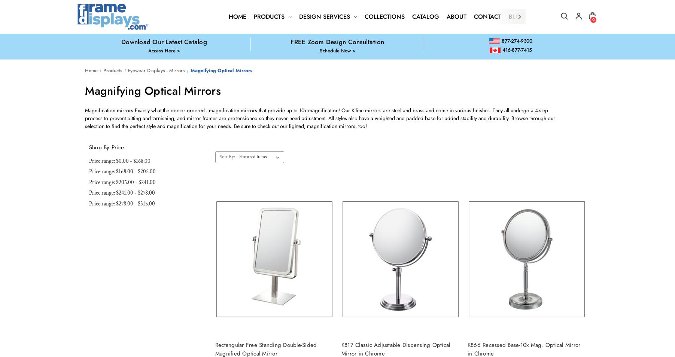 The width and height of the screenshot is (675, 357). What do you see at coordinates (88, 161) in the screenshot?
I see `'Price range: $0.00 - $168.00'` at bounding box center [88, 161].